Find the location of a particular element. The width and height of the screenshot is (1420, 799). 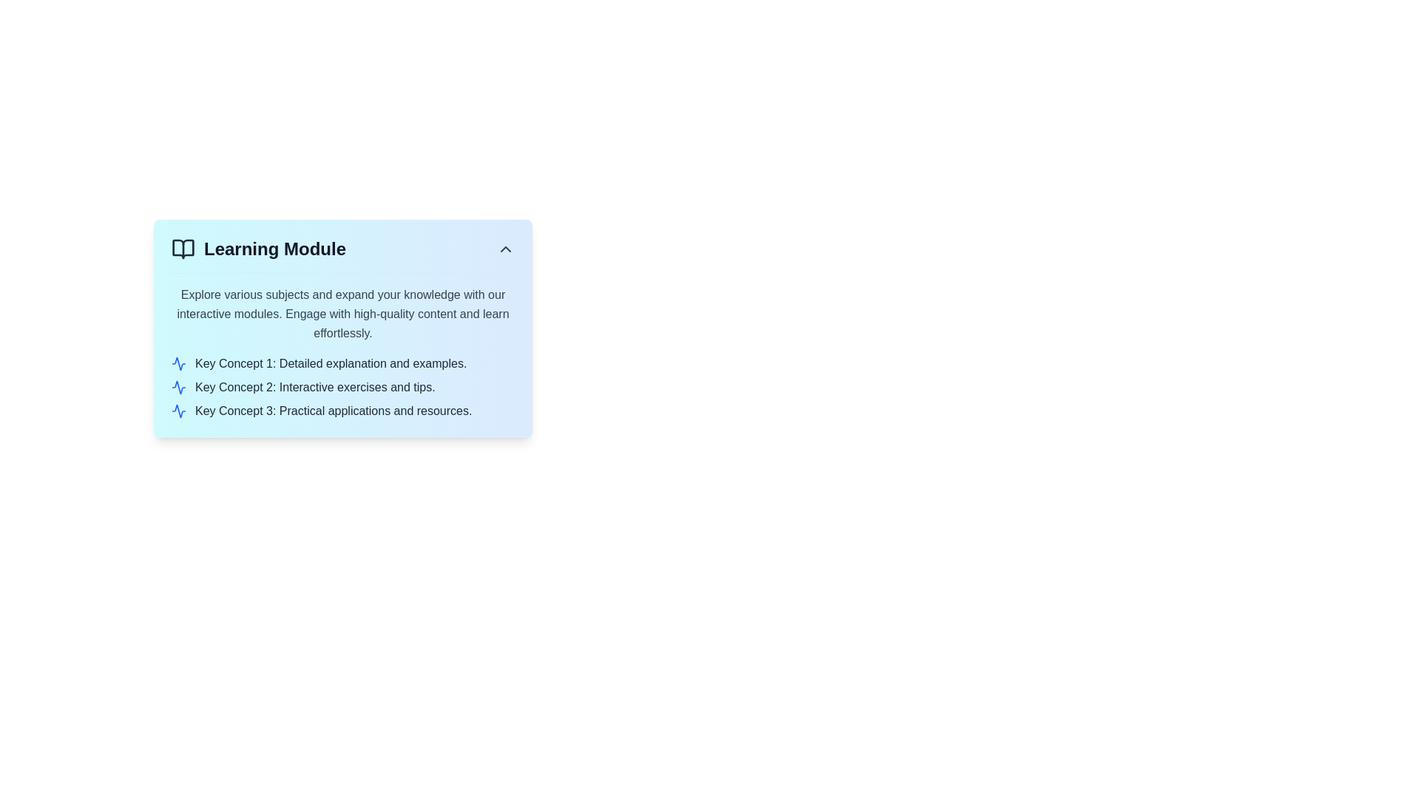

the list item labeled 'Key Concept 2: Interactive exercises and tips' which includes a blue icon, positioned within the 'Learning Module' below 'Key Concept 1' and above 'Key Concept 3' is located at coordinates (342, 387).